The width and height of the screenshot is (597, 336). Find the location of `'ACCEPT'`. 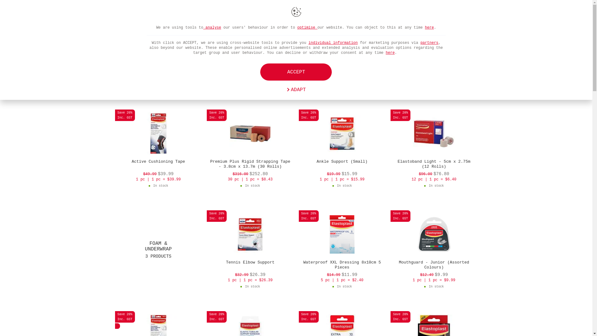

'ACCEPT' is located at coordinates (295, 72).